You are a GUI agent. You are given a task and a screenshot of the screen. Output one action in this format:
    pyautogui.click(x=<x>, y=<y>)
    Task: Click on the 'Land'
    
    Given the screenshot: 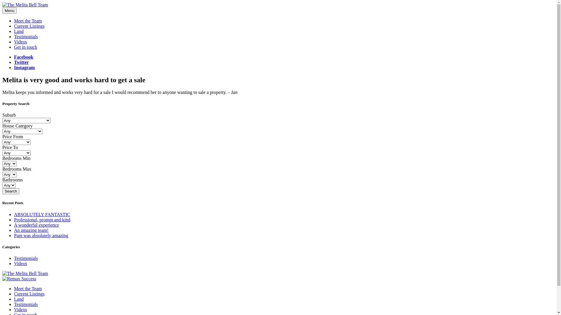 What is the action you would take?
    pyautogui.click(x=19, y=31)
    